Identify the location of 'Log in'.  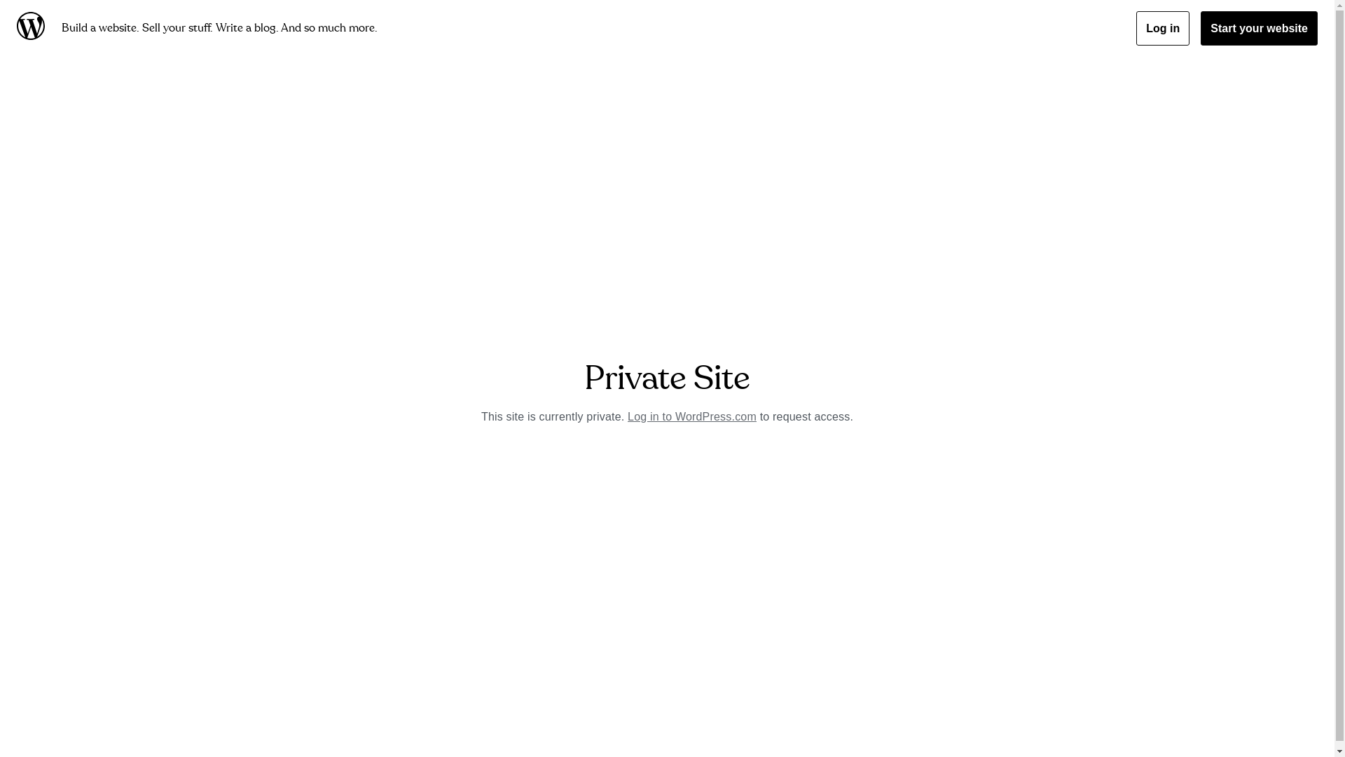
(1163, 28).